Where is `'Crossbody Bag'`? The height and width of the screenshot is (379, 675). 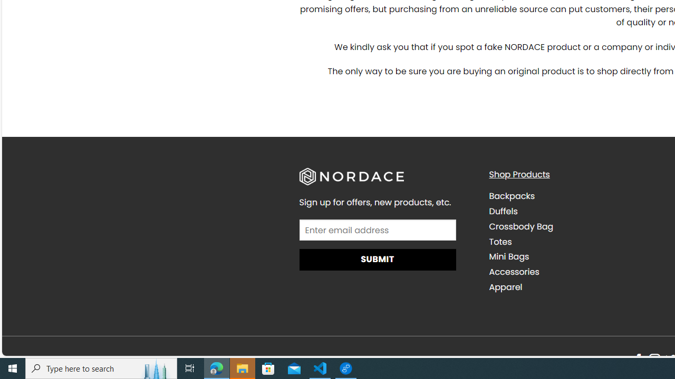 'Crossbody Bag' is located at coordinates (575, 226).